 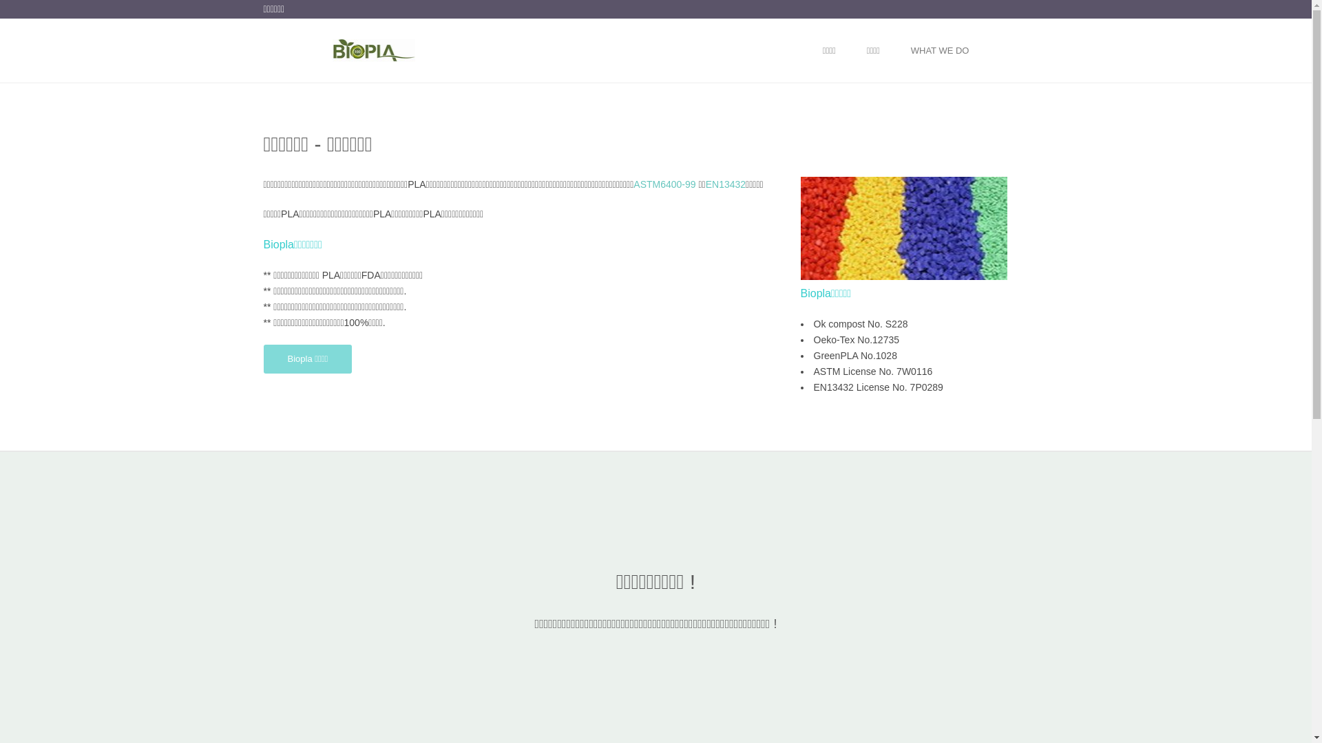 What do you see at coordinates (725, 183) in the screenshot?
I see `'EN13432'` at bounding box center [725, 183].